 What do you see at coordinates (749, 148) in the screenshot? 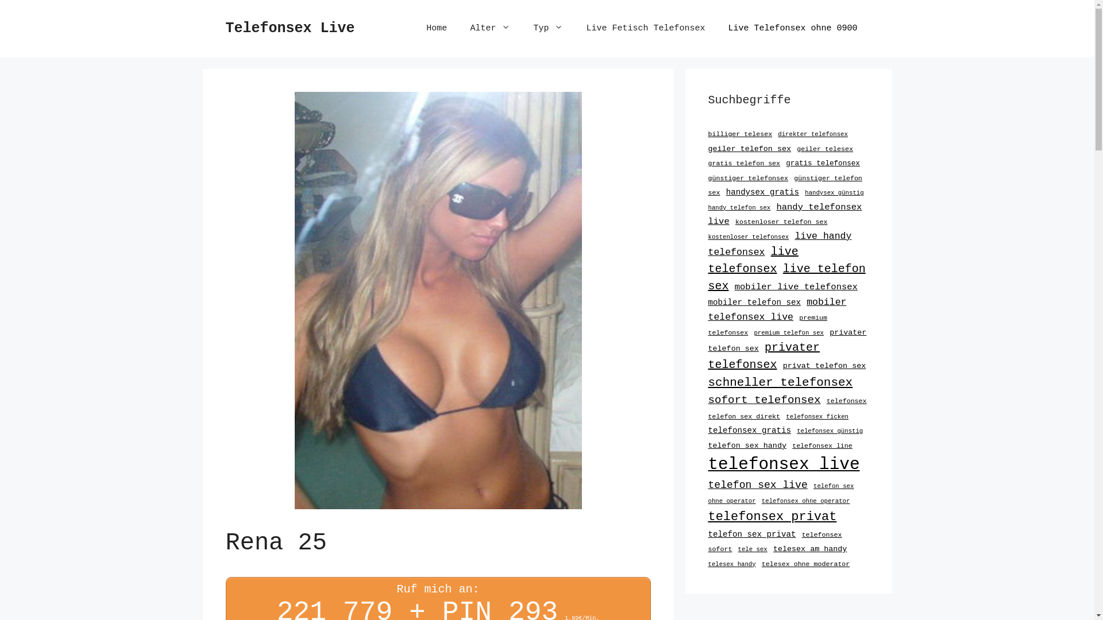
I see `'geiler telefon sex'` at bounding box center [749, 148].